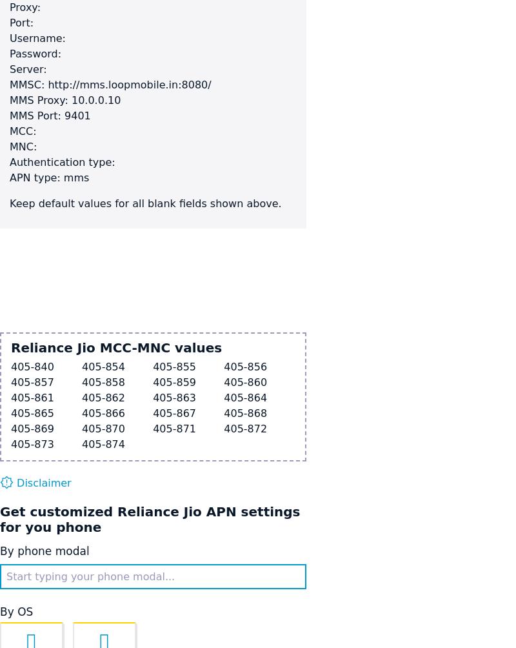 The width and height of the screenshot is (516, 648). Describe the element at coordinates (22, 130) in the screenshot. I see `'MCC:'` at that location.